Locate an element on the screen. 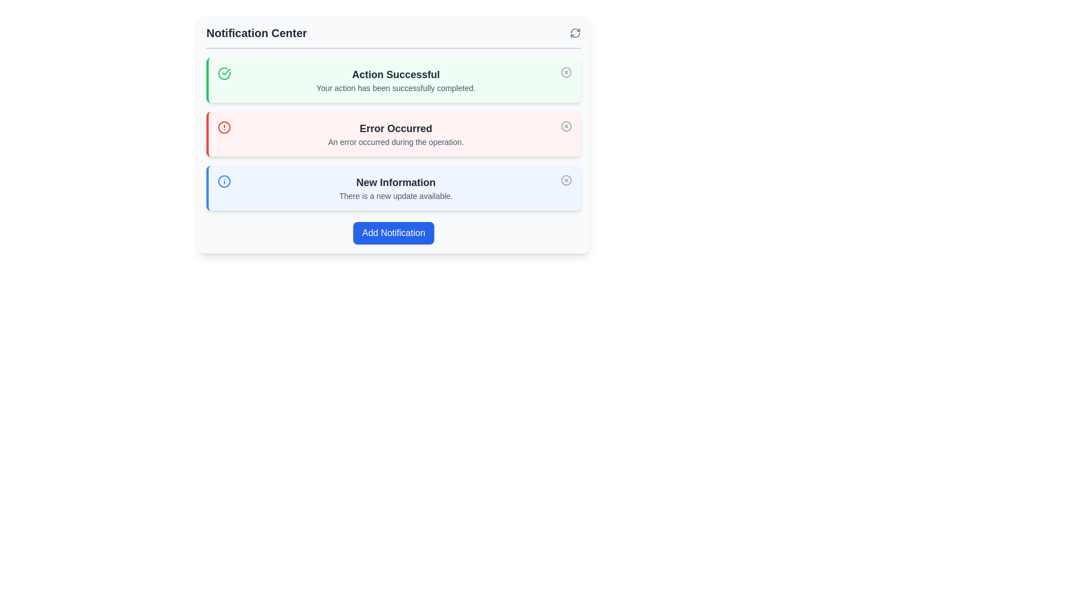 Image resolution: width=1080 pixels, height=607 pixels. the green circle icon with a checkmark, which is a success indicator located at the top-left corner of the 'Action Successful' notification card is located at coordinates (224, 74).